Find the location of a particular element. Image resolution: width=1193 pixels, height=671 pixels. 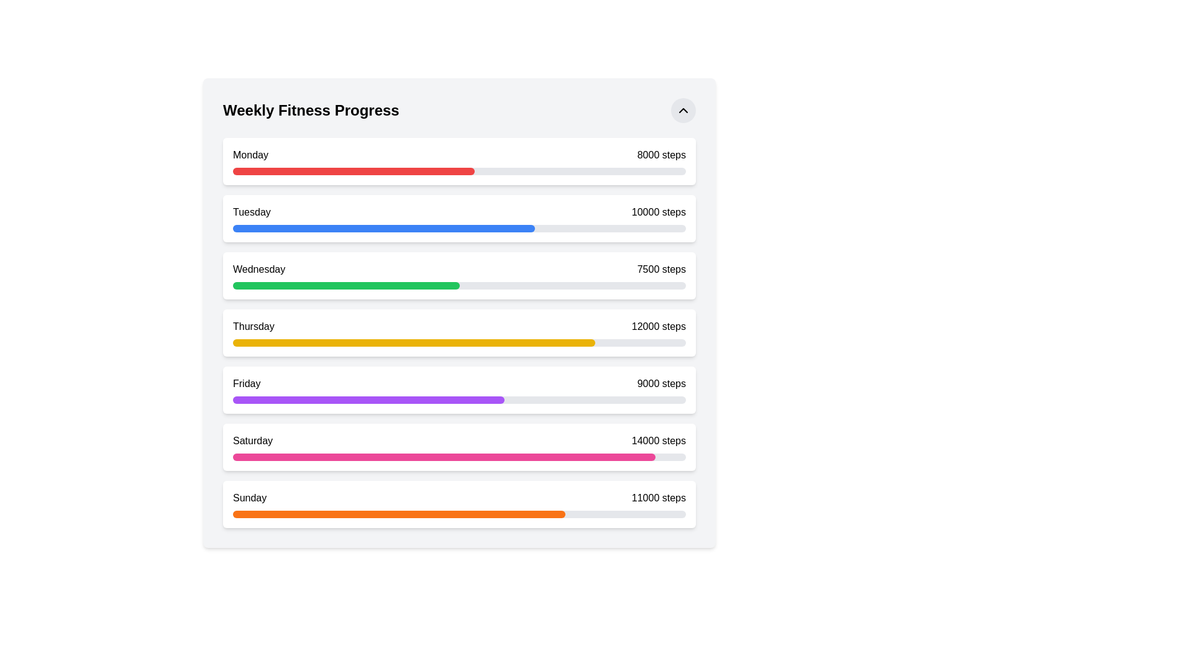

the text within the text label displaying the number of steps logged for the day 'Friday' in the weekly fitness tracker is located at coordinates (660, 383).